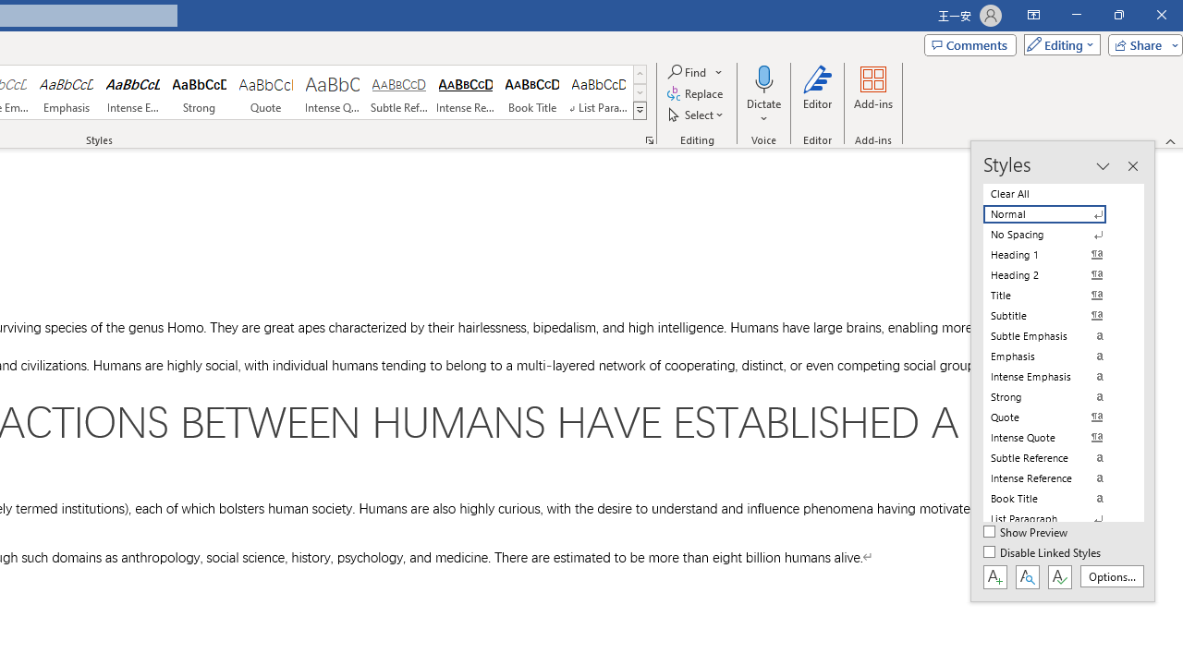 The image size is (1183, 665). Describe the element at coordinates (1055, 518) in the screenshot. I see `'List Paragraph'` at that location.